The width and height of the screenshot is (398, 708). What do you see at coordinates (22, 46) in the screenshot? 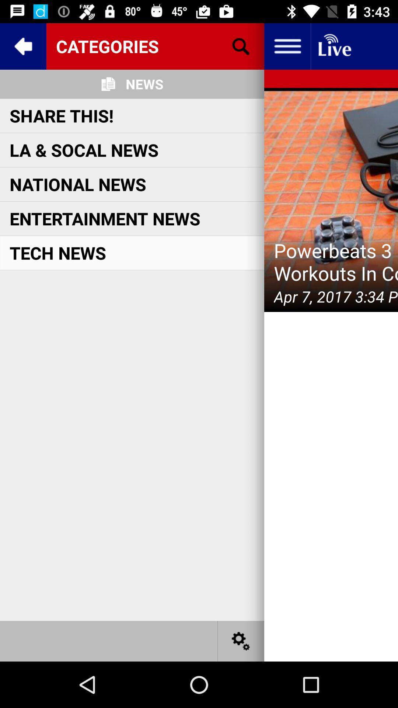
I see `the arrow_backward icon` at bounding box center [22, 46].